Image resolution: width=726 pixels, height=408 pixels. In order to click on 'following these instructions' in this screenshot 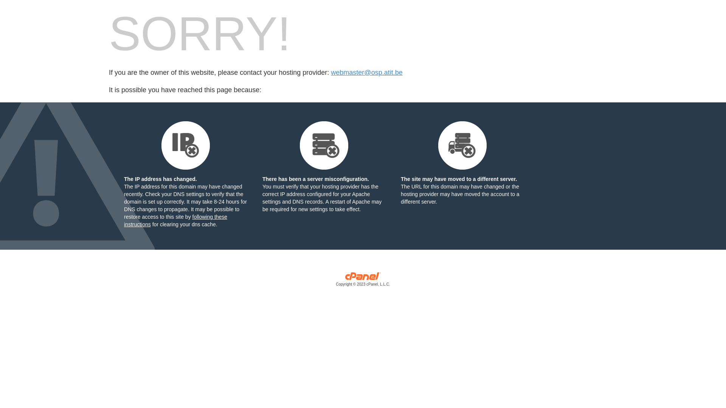, I will do `click(175, 220)`.